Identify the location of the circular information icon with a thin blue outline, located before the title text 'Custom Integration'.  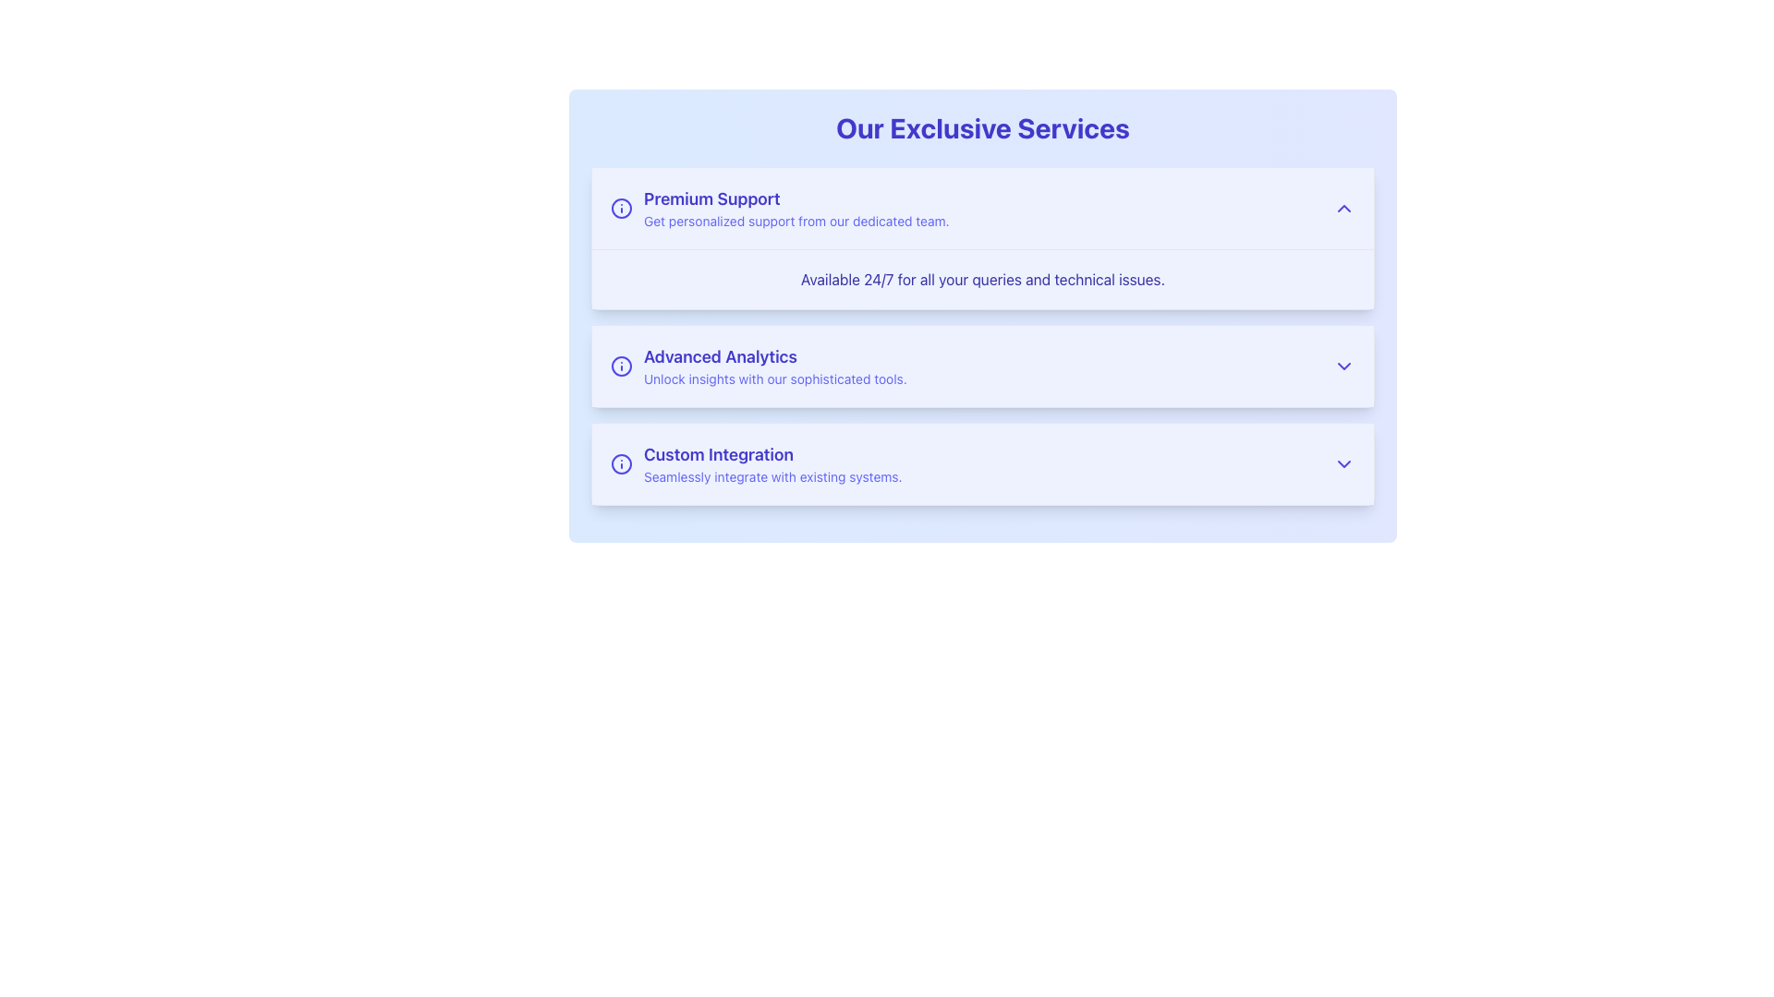
(621, 462).